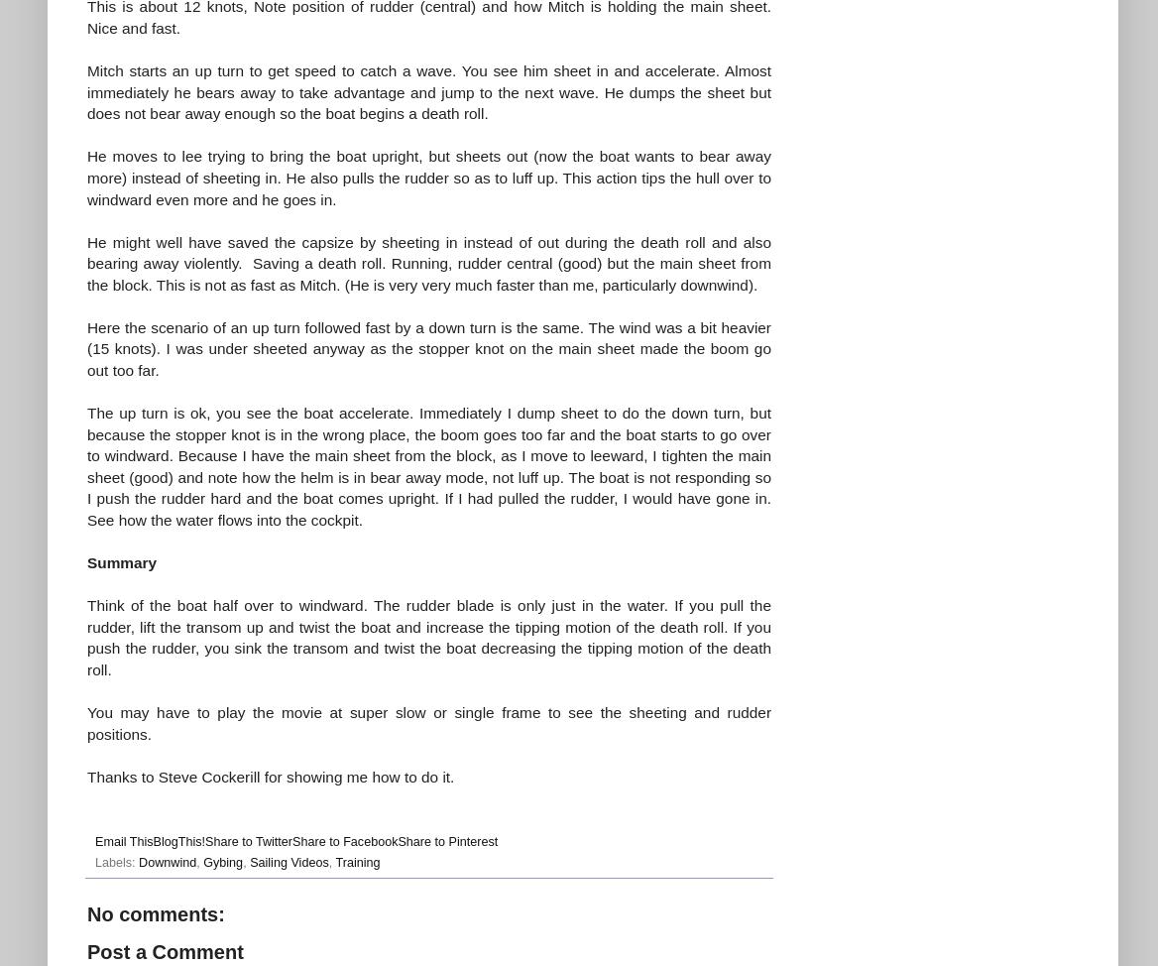 This screenshot has width=1158, height=966. What do you see at coordinates (447, 842) in the screenshot?
I see `'Share to Pinterest'` at bounding box center [447, 842].